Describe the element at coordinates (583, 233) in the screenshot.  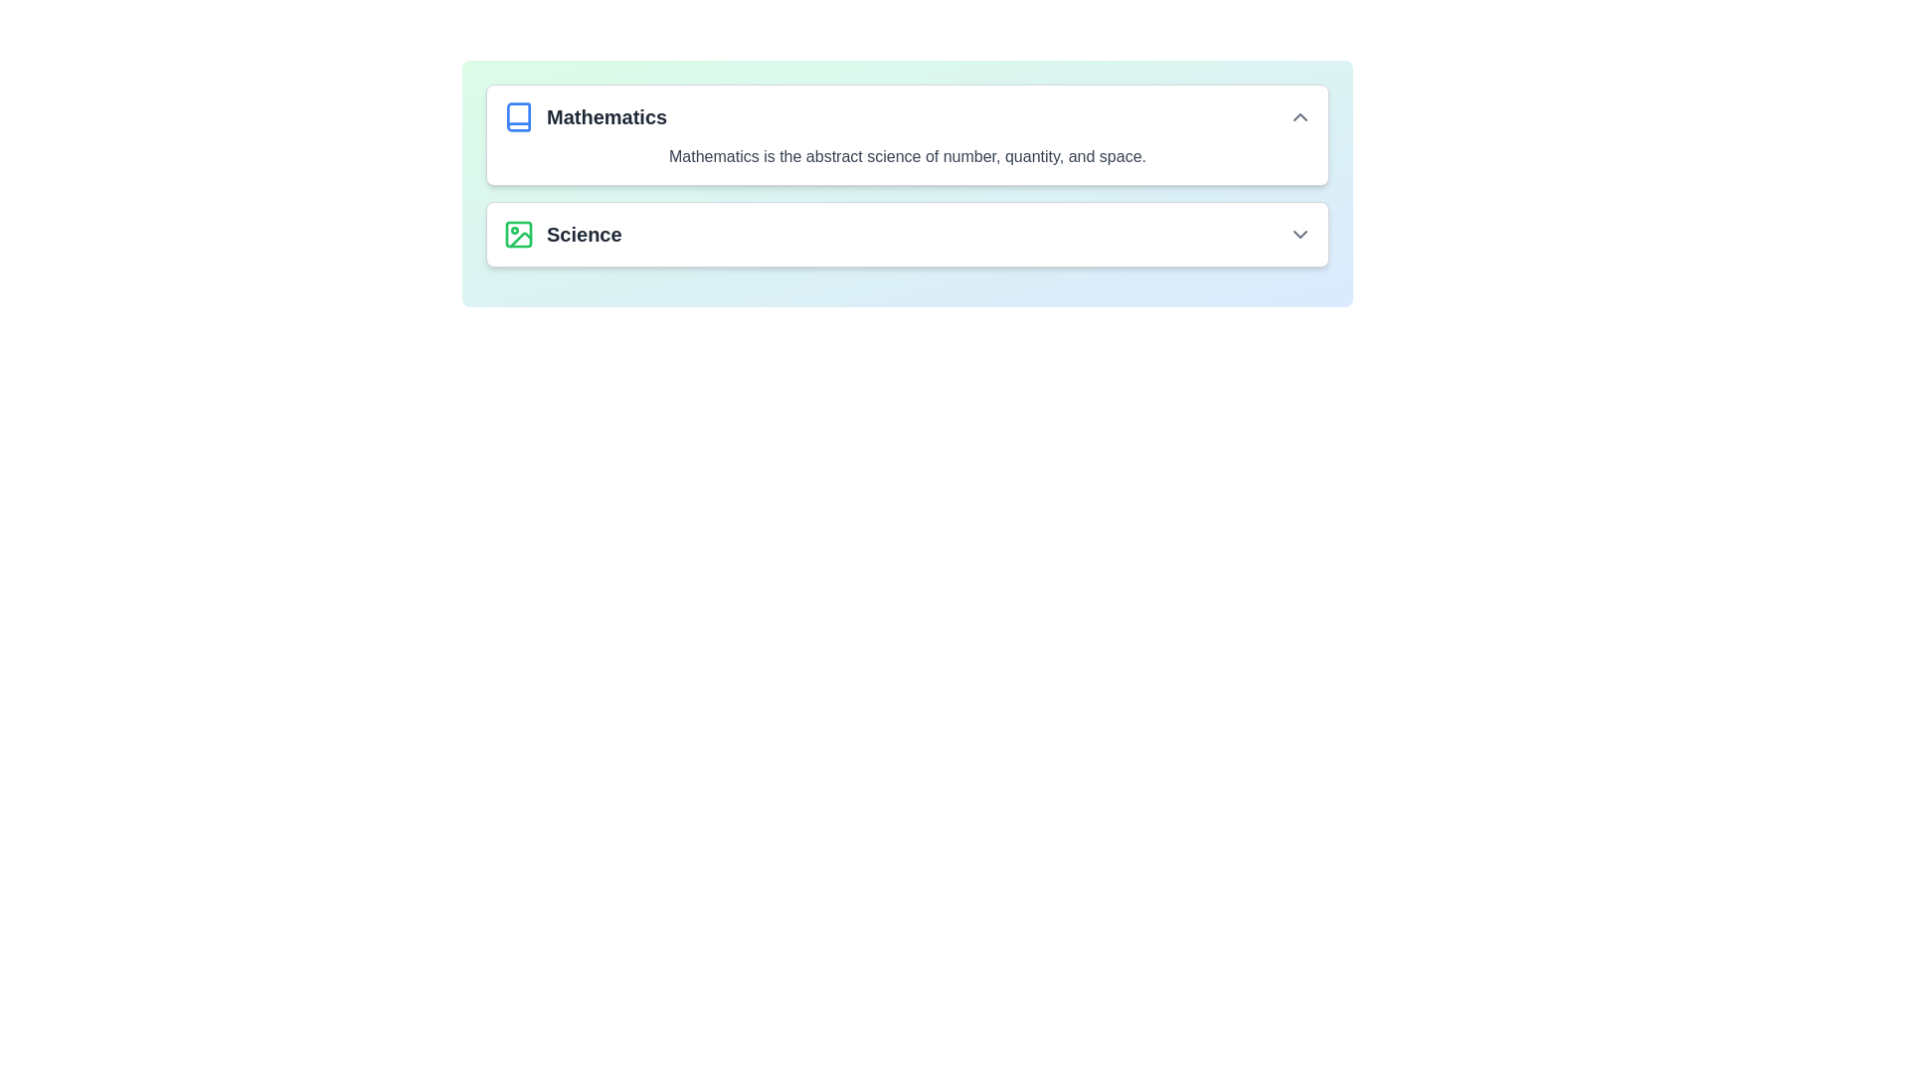
I see `the 'Science' text label, which serves as a header for related content and is located to the right of a green icon in the second row beneath 'Mathematics'` at that location.